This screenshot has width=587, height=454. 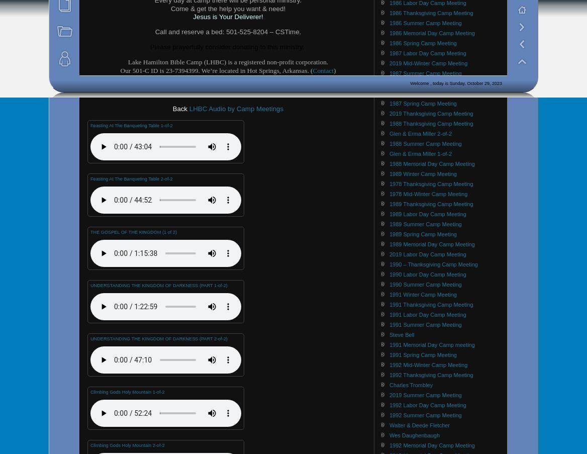 What do you see at coordinates (176, 109) in the screenshot?
I see `'Ba'` at bounding box center [176, 109].